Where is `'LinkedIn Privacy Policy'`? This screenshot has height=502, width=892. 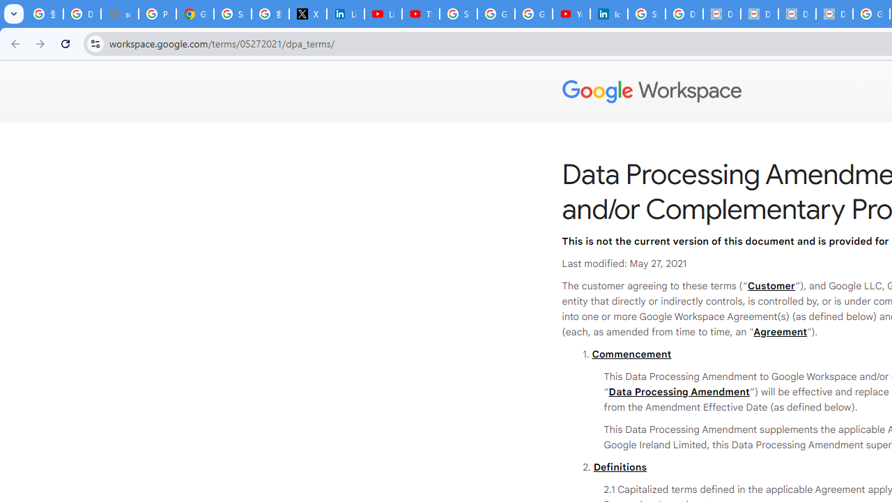 'LinkedIn Privacy Policy' is located at coordinates (346, 14).